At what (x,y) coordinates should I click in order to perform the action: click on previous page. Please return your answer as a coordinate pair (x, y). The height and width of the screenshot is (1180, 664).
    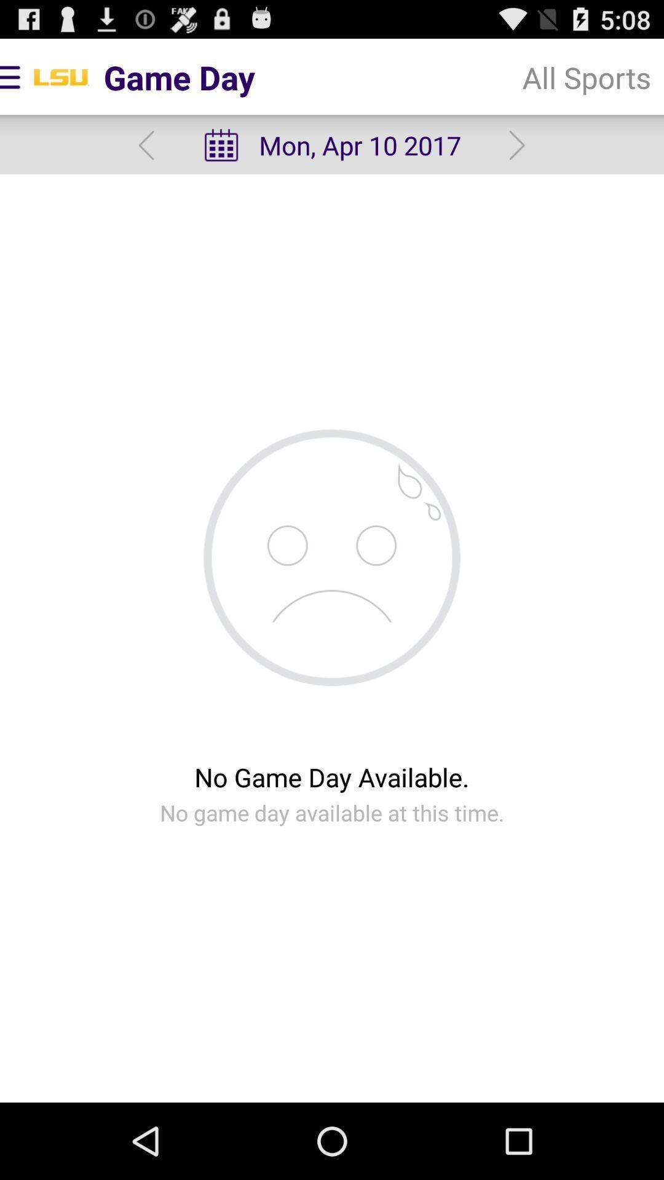
    Looking at the image, I should click on (146, 145).